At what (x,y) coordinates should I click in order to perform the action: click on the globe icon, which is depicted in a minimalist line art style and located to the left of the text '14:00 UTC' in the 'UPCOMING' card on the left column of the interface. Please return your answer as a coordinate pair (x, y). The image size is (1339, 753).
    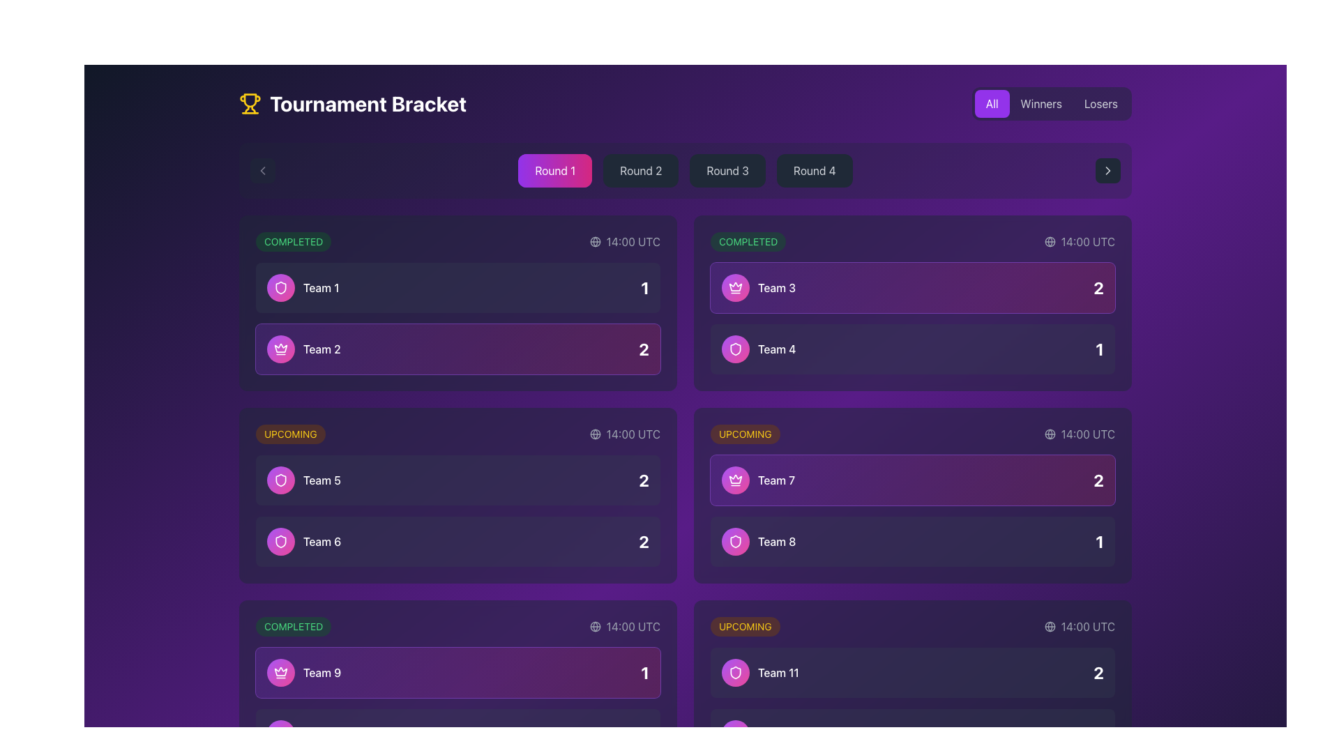
    Looking at the image, I should click on (595, 434).